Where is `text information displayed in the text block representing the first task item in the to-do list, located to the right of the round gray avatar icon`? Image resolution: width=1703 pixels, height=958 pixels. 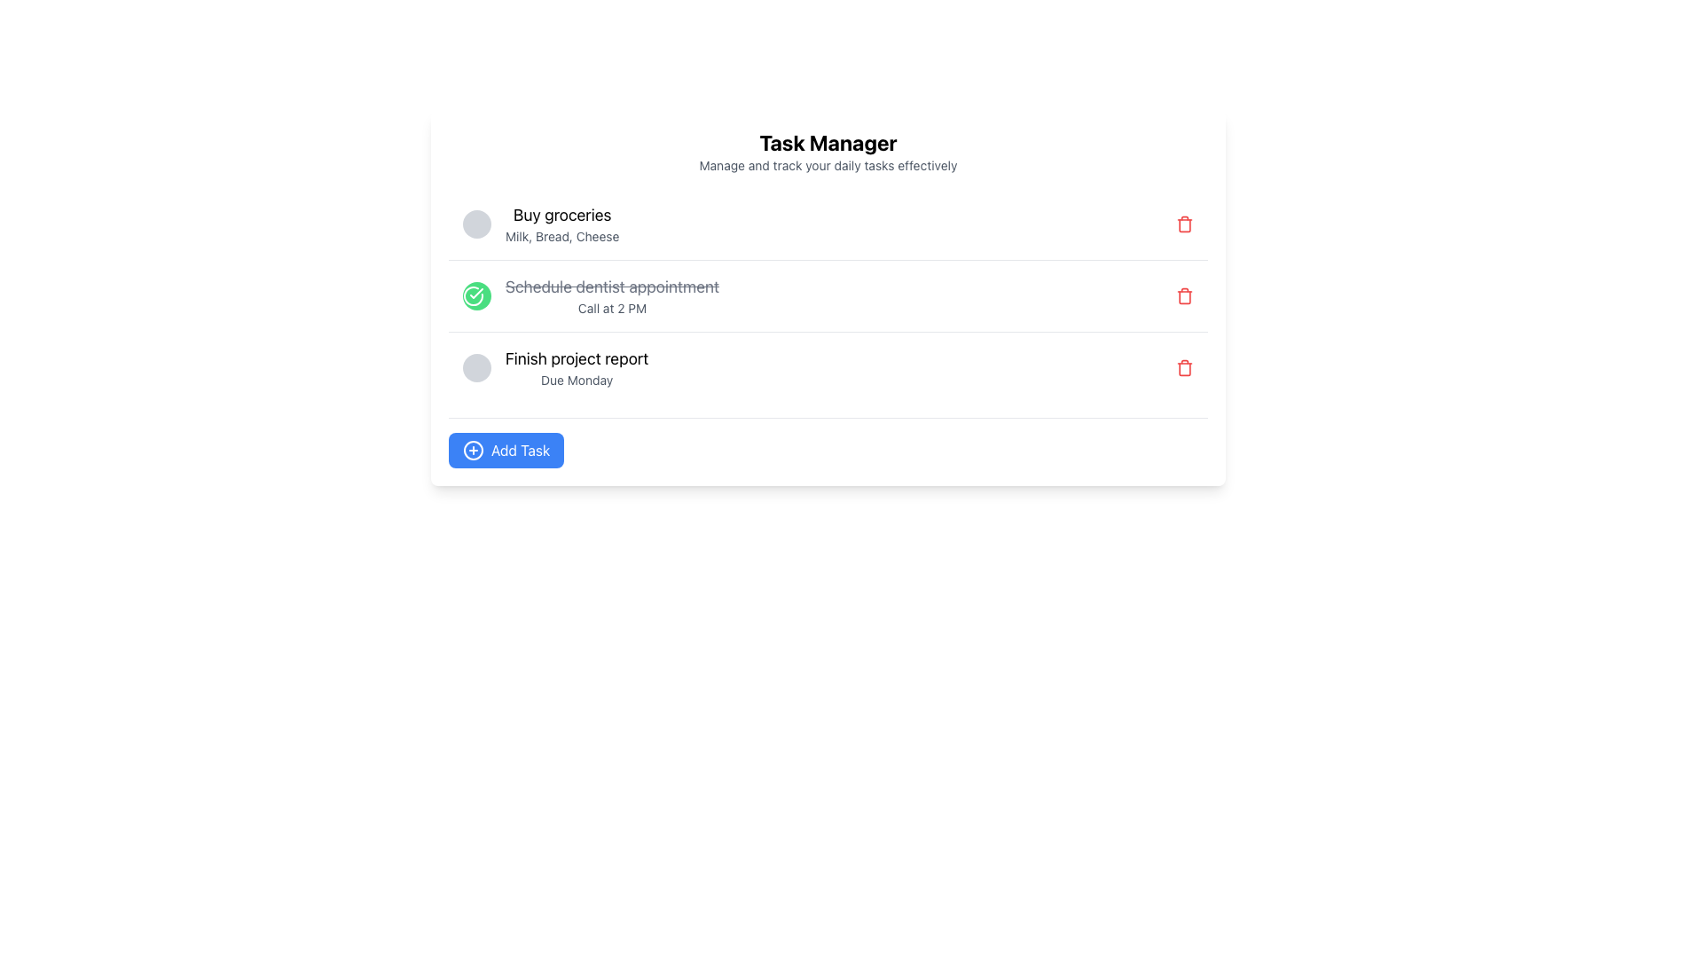 text information displayed in the text block representing the first task item in the to-do list, located to the right of the round gray avatar icon is located at coordinates (561, 224).